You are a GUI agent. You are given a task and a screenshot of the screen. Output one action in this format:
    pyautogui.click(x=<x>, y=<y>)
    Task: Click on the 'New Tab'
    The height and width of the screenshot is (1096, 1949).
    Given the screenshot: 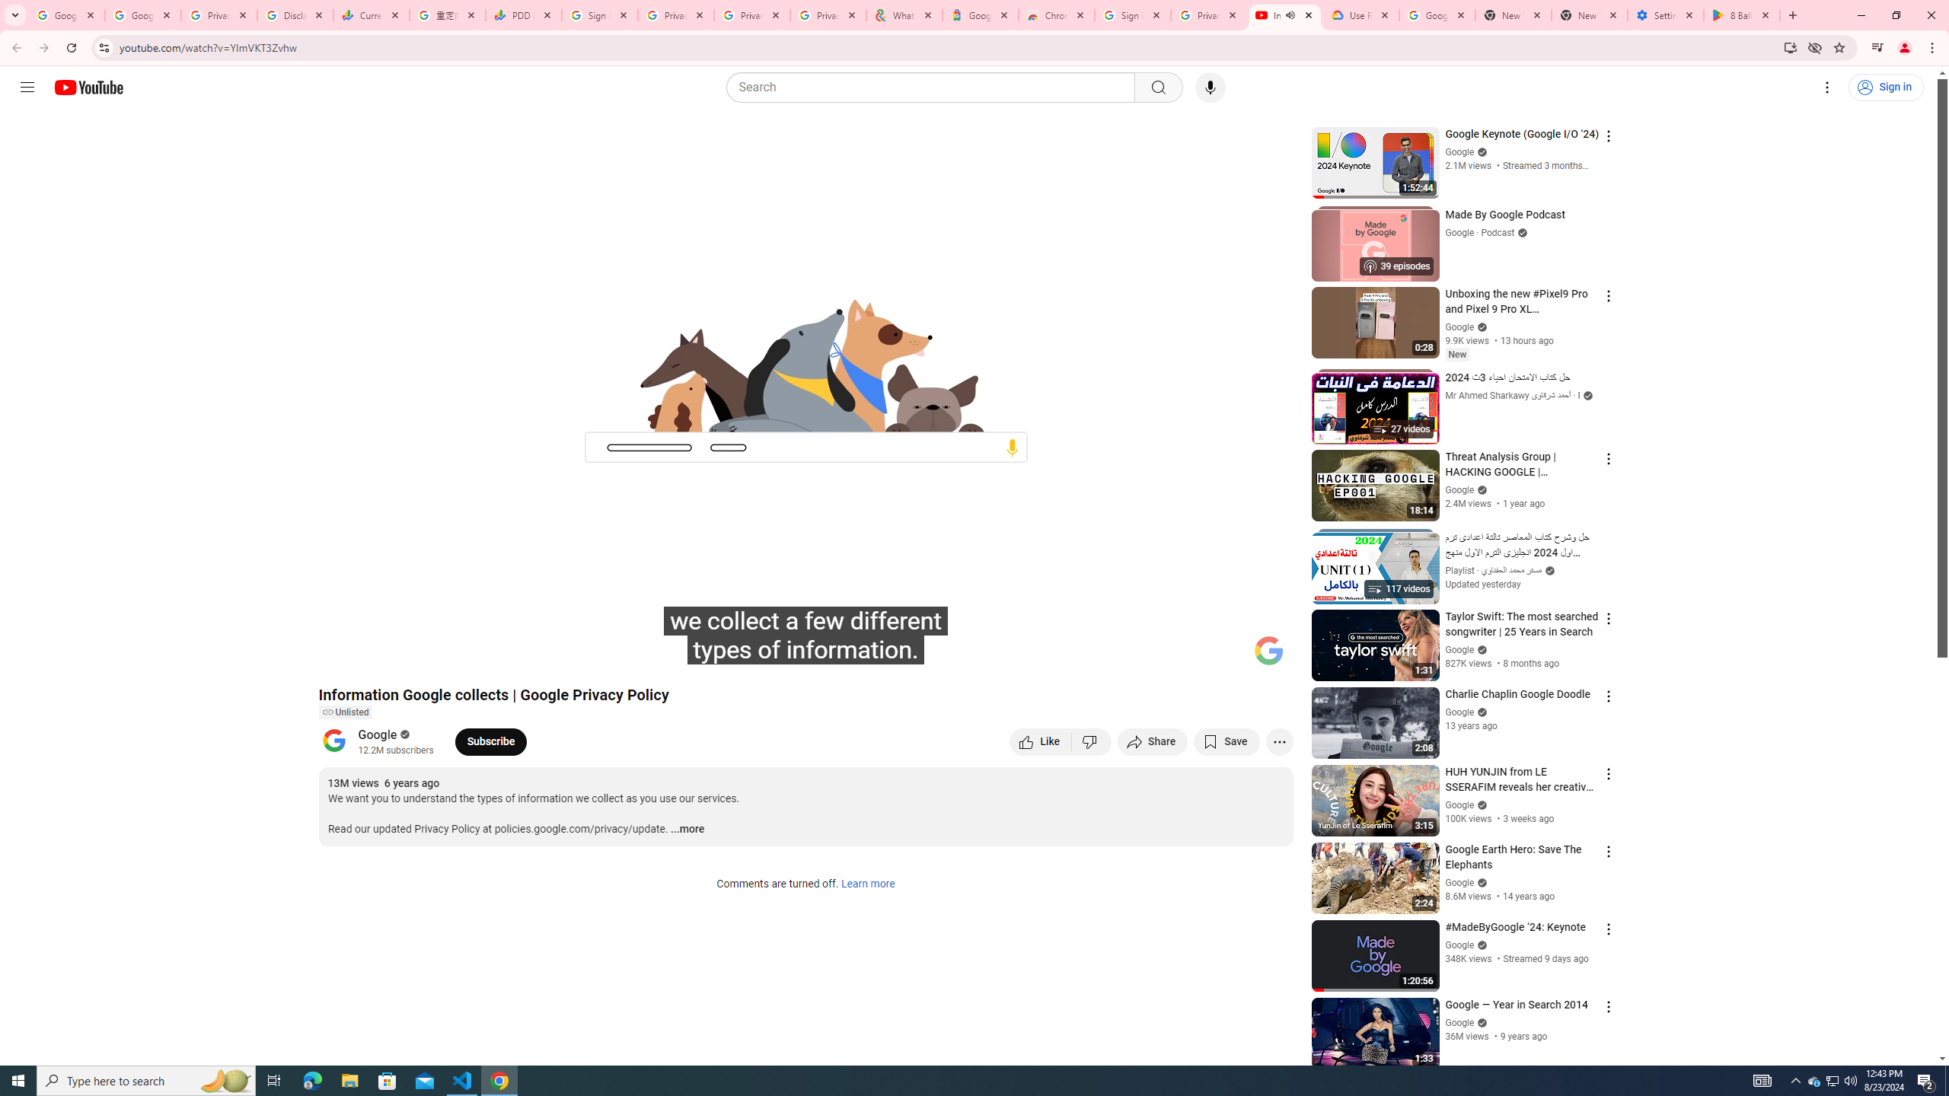 What is the action you would take?
    pyautogui.click(x=1589, y=14)
    